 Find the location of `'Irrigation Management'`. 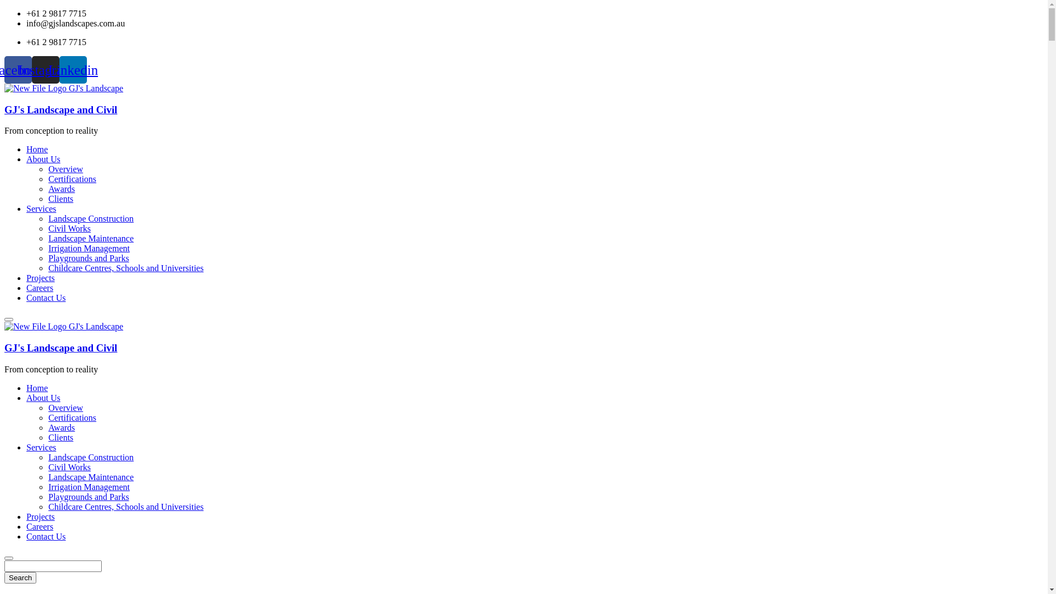

'Irrigation Management' is located at coordinates (89, 486).